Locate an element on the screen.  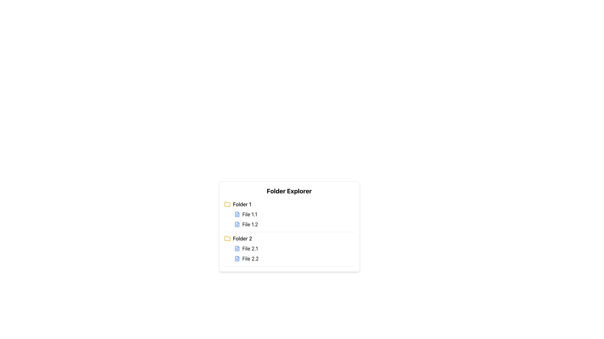
the icon representing the file located to the immediate left of the text 'File 2.1' in the second folder grouping labeled 'Folder 2' is located at coordinates (237, 248).